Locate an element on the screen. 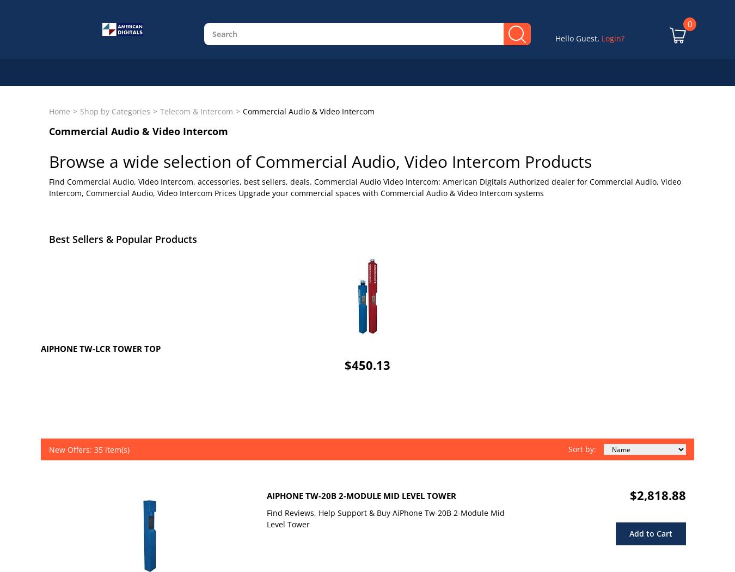  'AiPhone Tw-Lcr Tower Top' is located at coordinates (100, 348).